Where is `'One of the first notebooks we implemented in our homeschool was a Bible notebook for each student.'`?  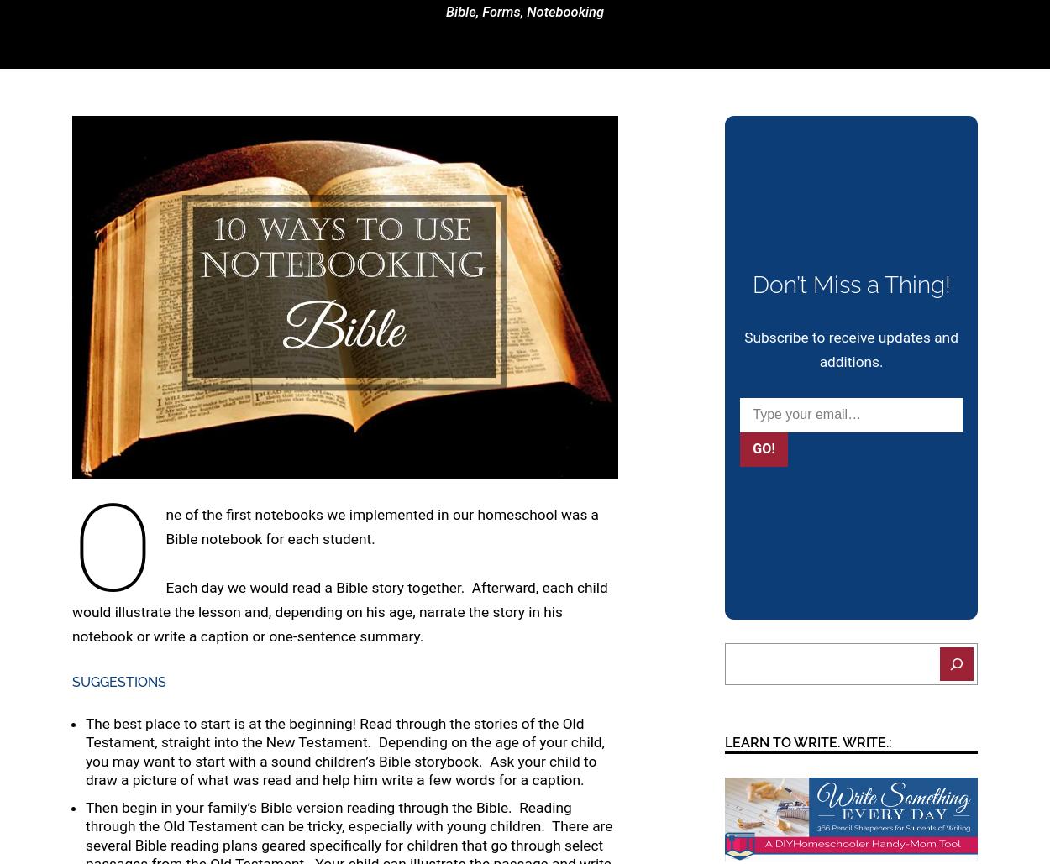
'One of the first notebooks we implemented in our homeschool was a Bible notebook for each student.' is located at coordinates (335, 549).